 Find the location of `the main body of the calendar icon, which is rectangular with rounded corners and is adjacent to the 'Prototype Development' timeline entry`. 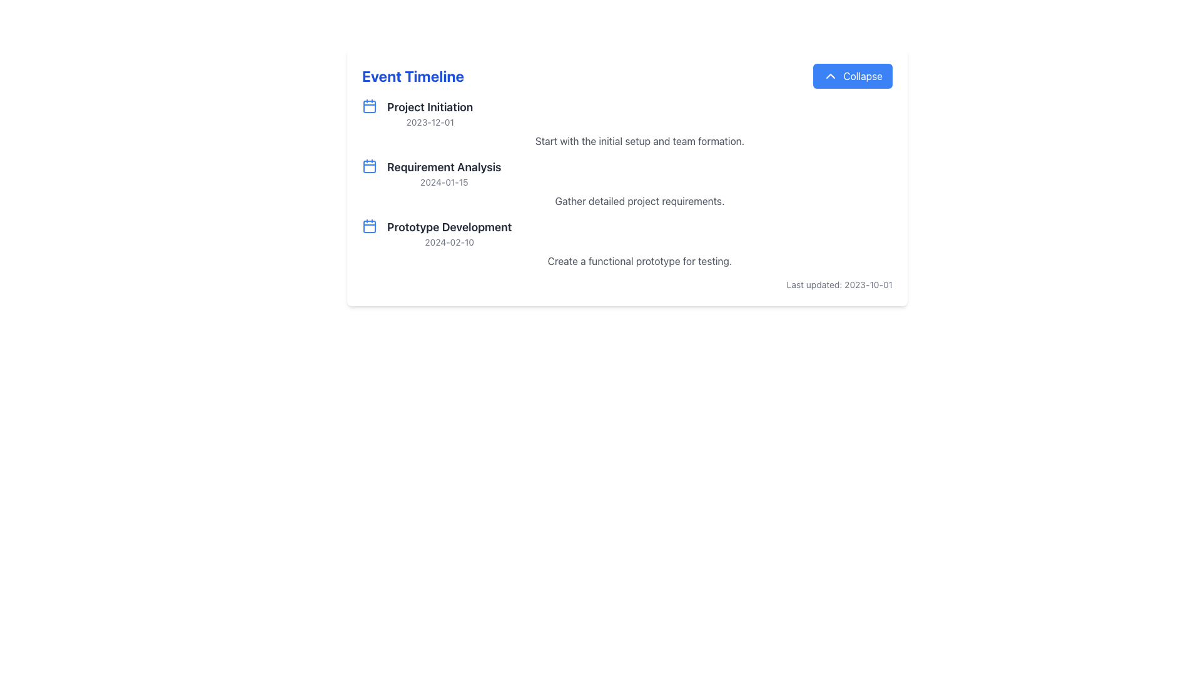

the main body of the calendar icon, which is rectangular with rounded corners and is adjacent to the 'Prototype Development' timeline entry is located at coordinates (368, 226).